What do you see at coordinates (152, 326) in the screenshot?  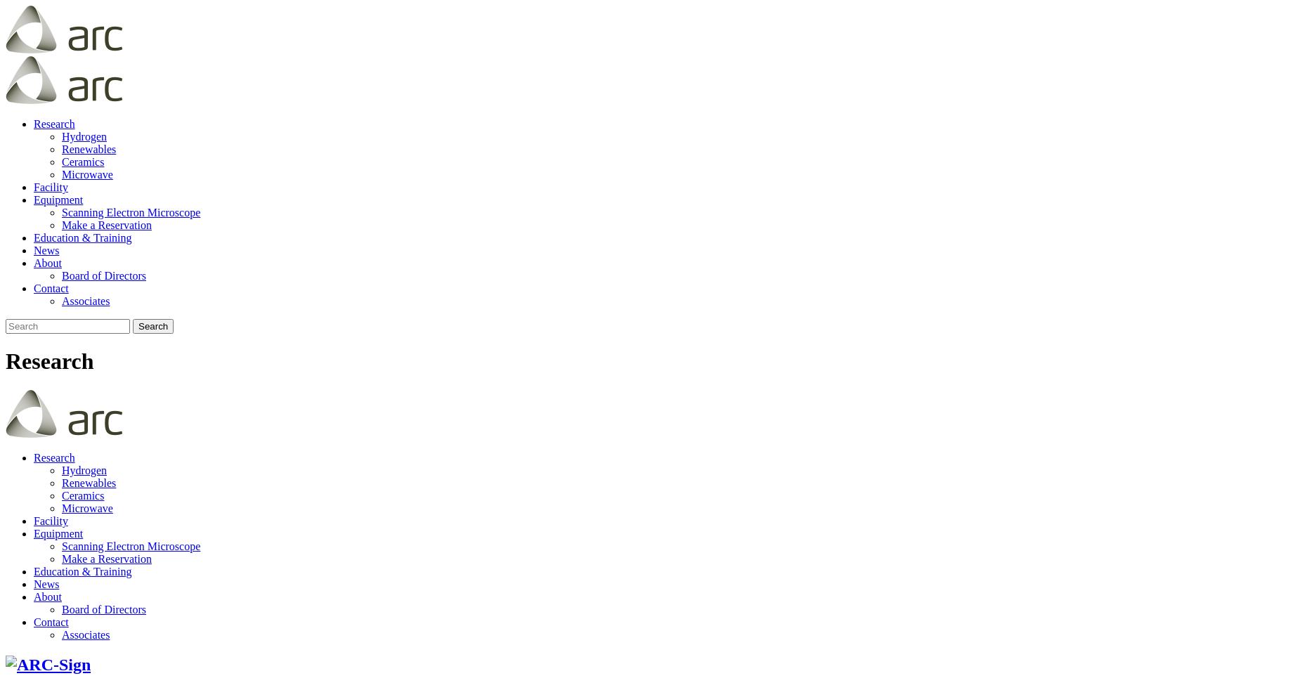 I see `'Search'` at bounding box center [152, 326].